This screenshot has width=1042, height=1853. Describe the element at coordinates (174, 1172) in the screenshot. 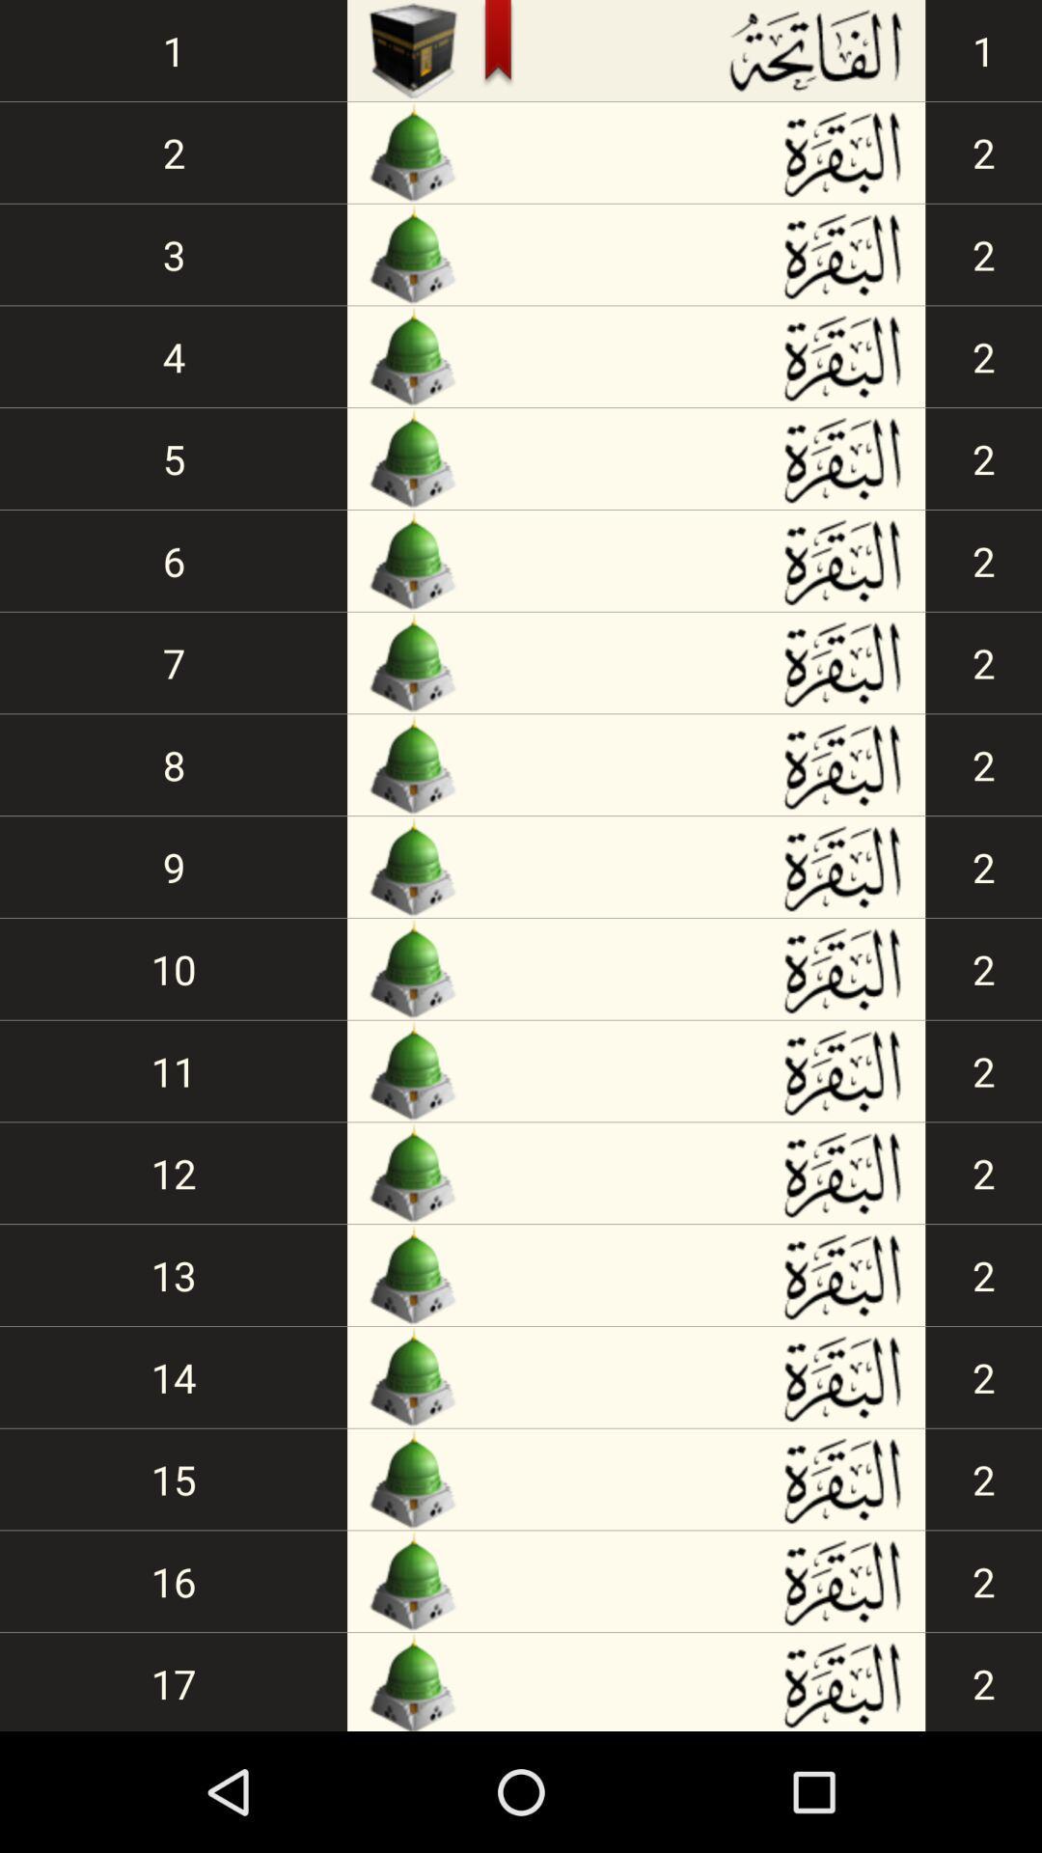

I see `the 12 item` at that location.